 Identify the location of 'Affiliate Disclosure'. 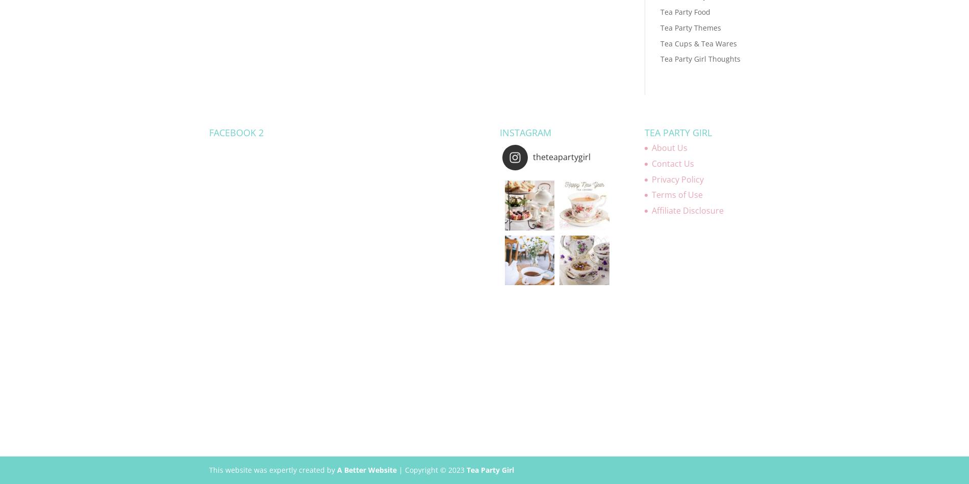
(651, 211).